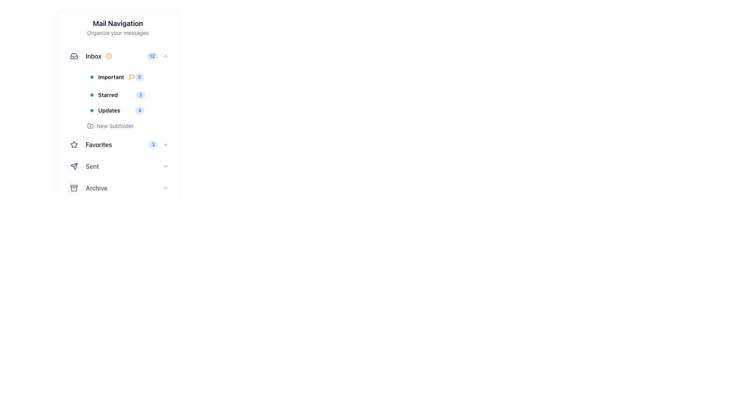 This screenshot has width=745, height=419. Describe the element at coordinates (117, 56) in the screenshot. I see `the 'Inbox' button located at the top of the 'Mail Navigation' vertical list` at that location.